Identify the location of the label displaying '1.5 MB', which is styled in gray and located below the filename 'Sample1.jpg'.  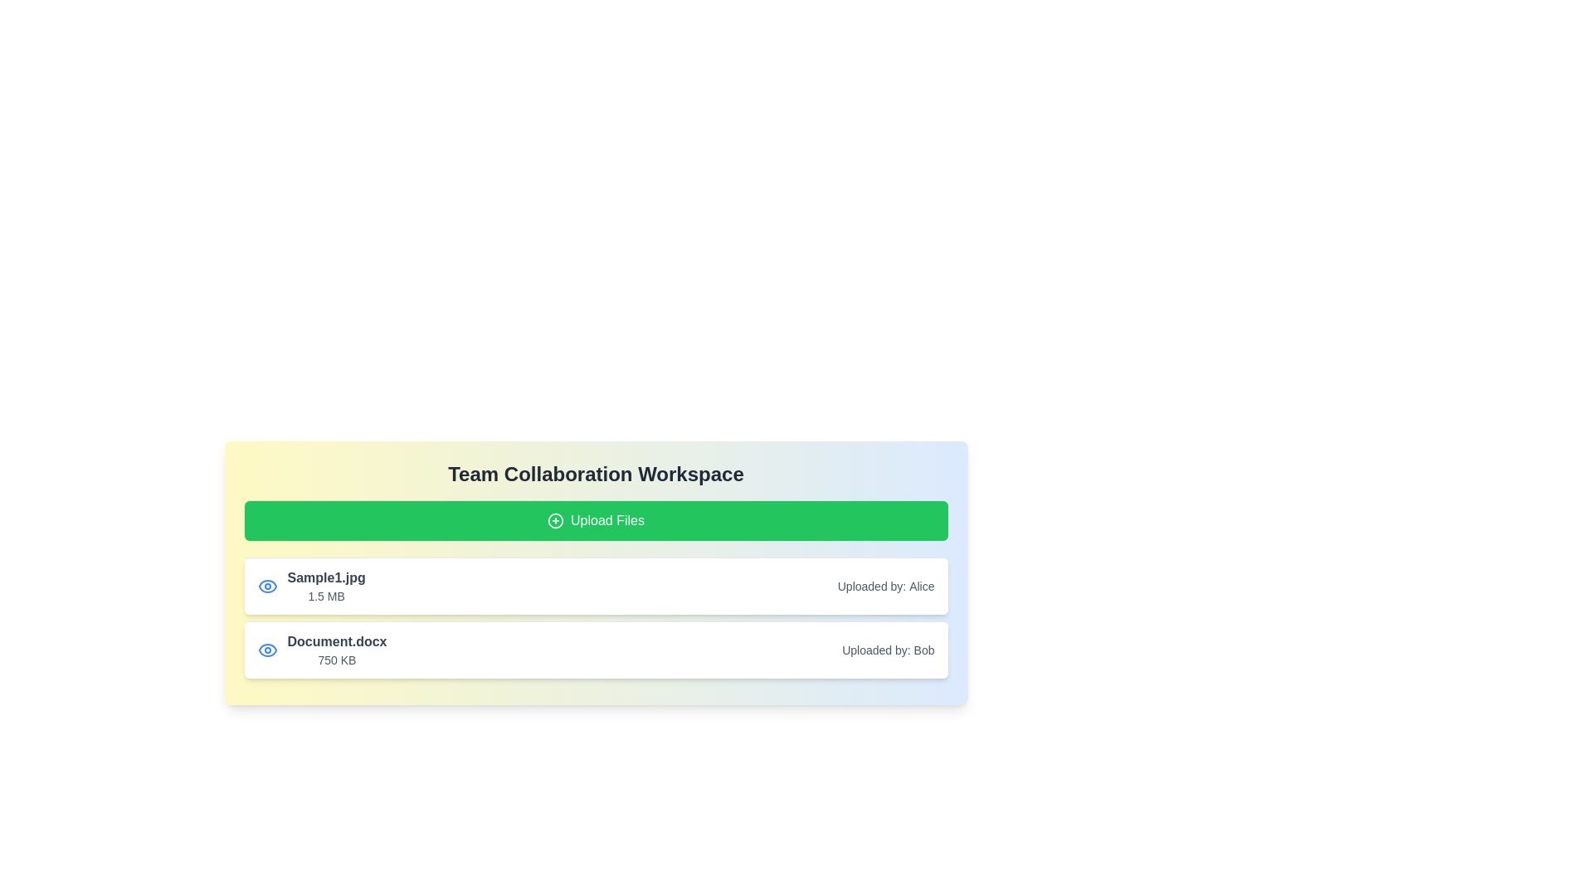
(326, 595).